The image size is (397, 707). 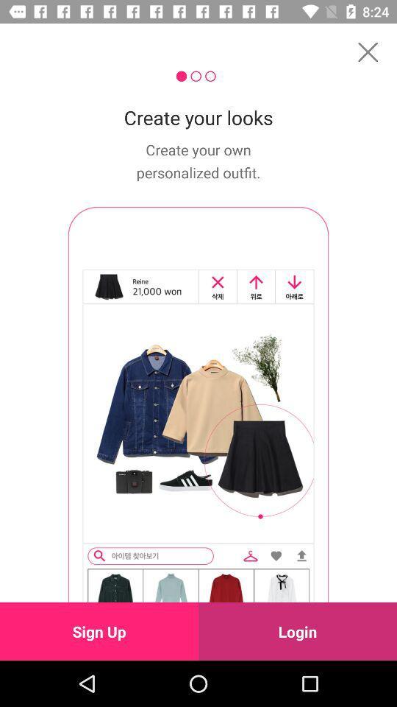 I want to click on the icon next to login icon, so click(x=99, y=630).